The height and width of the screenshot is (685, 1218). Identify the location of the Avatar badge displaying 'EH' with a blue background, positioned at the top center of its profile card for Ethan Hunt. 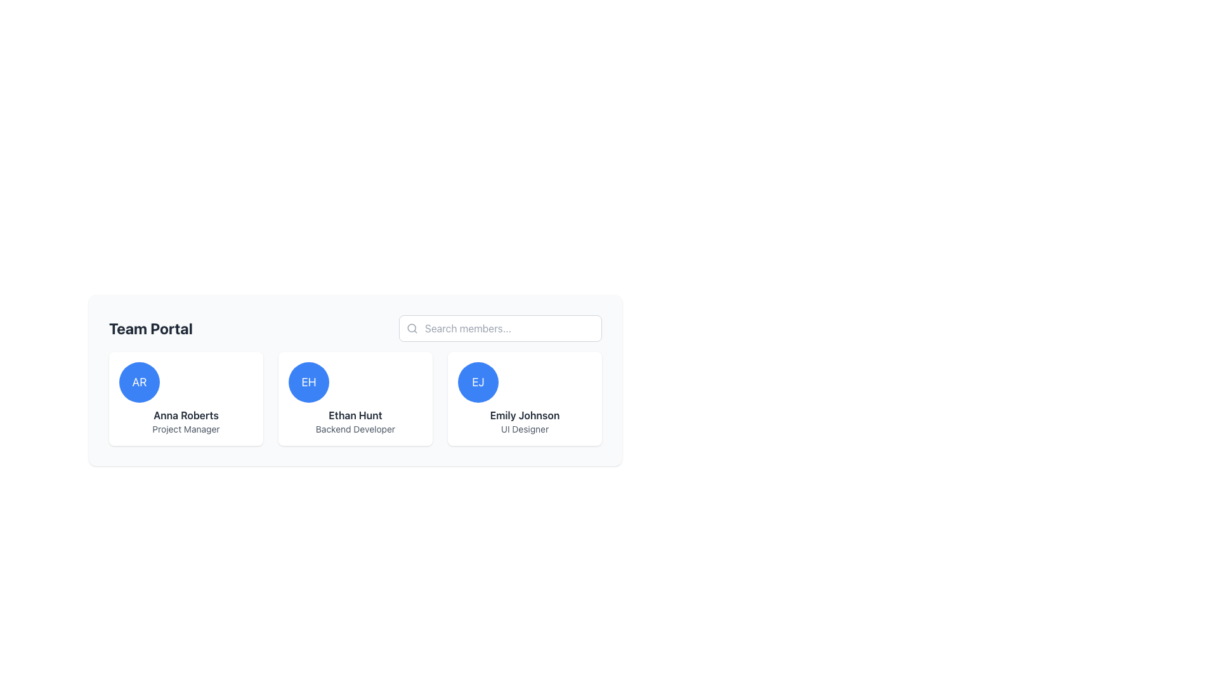
(308, 381).